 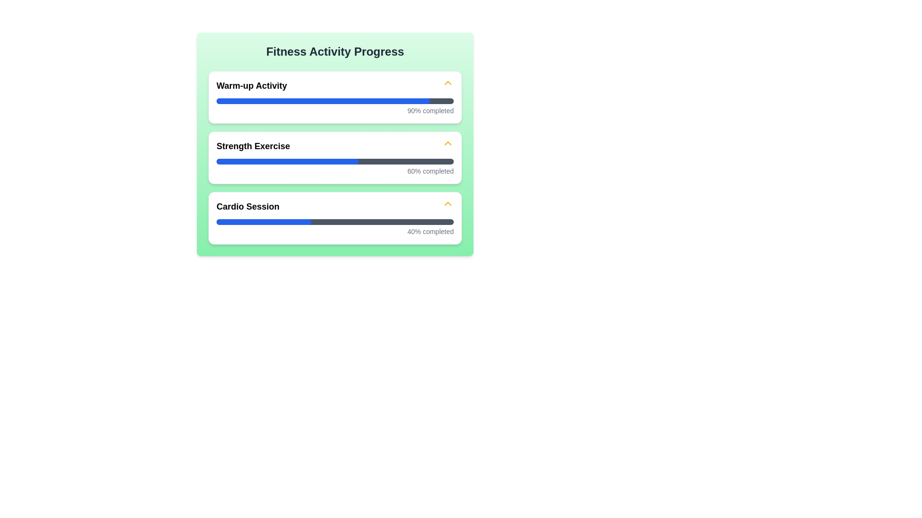 What do you see at coordinates (447, 205) in the screenshot?
I see `the Chevron Up icon located in the top-right corner of the 'Cardio Session' card` at bounding box center [447, 205].